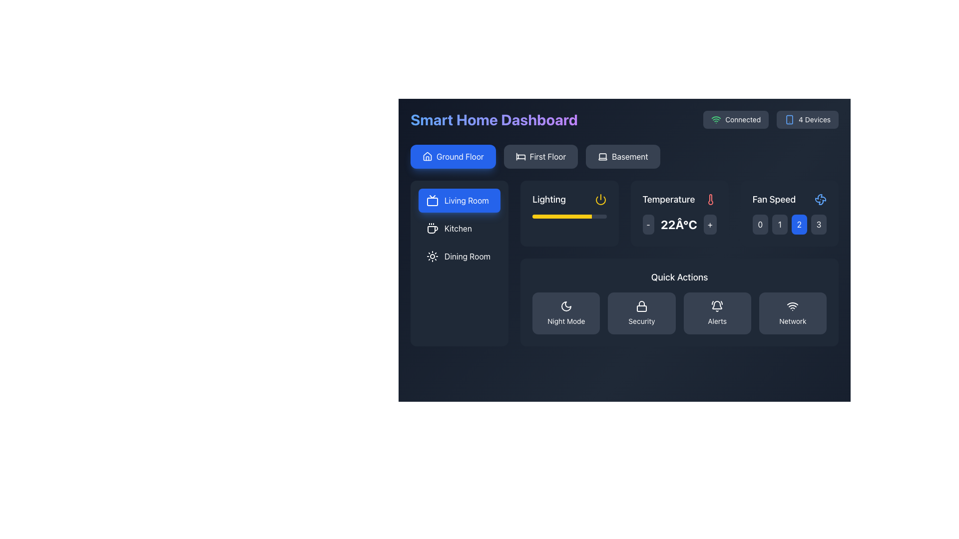 This screenshot has height=539, width=959. I want to click on the 'Basement' button icon, so click(602, 156).